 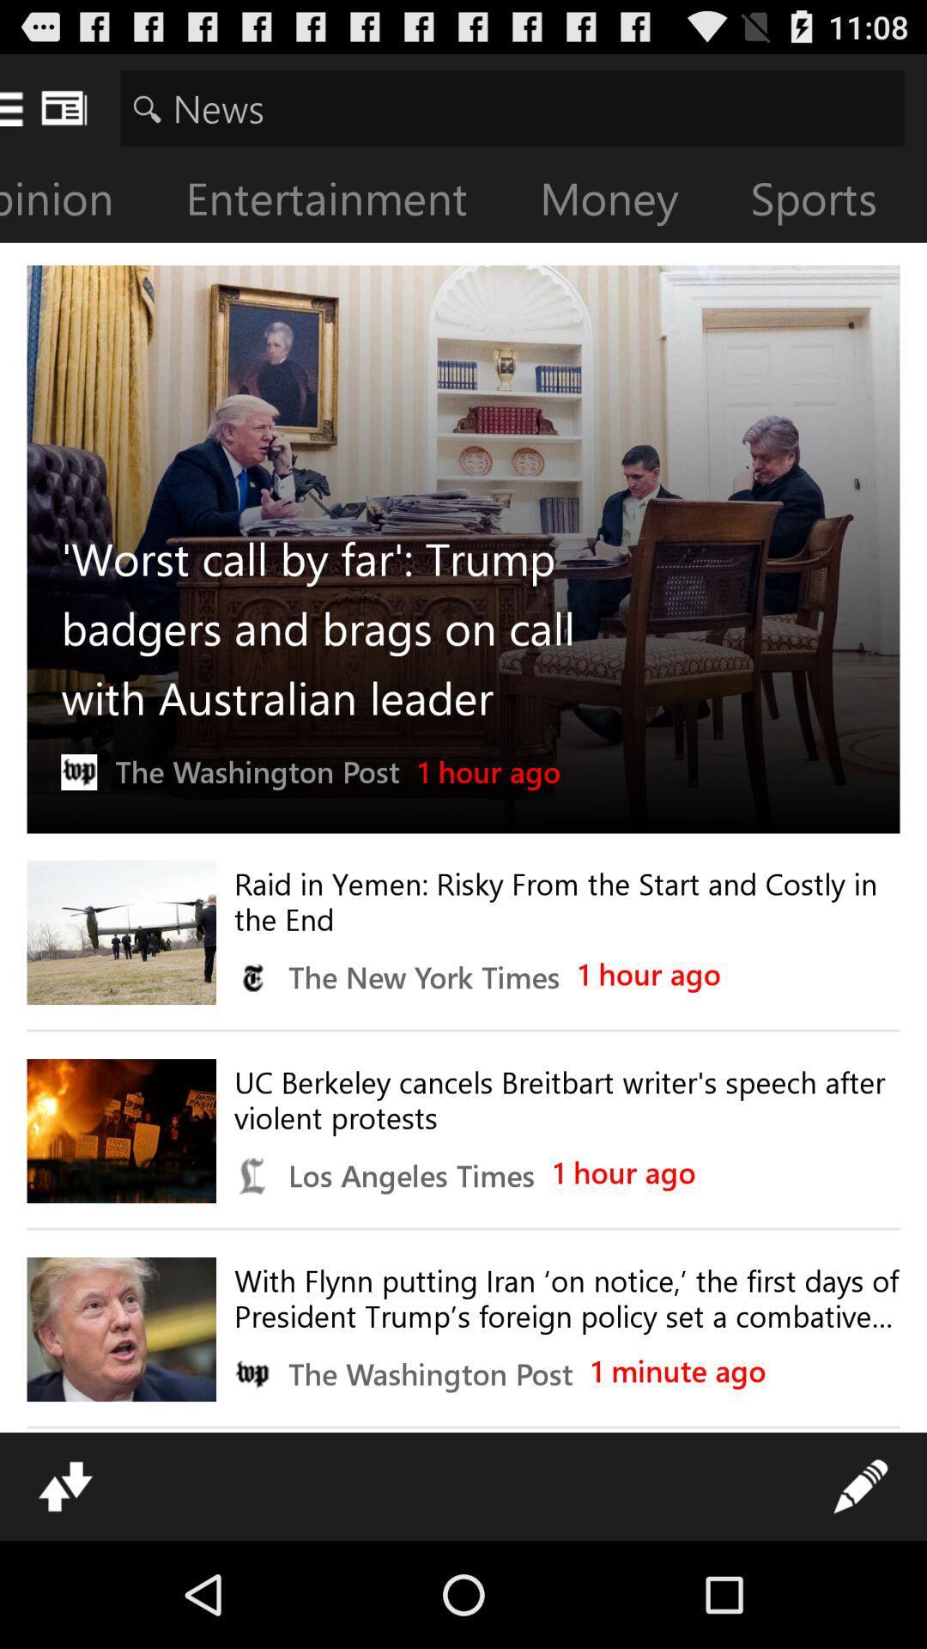 I want to click on the sports, so click(x=827, y=202).